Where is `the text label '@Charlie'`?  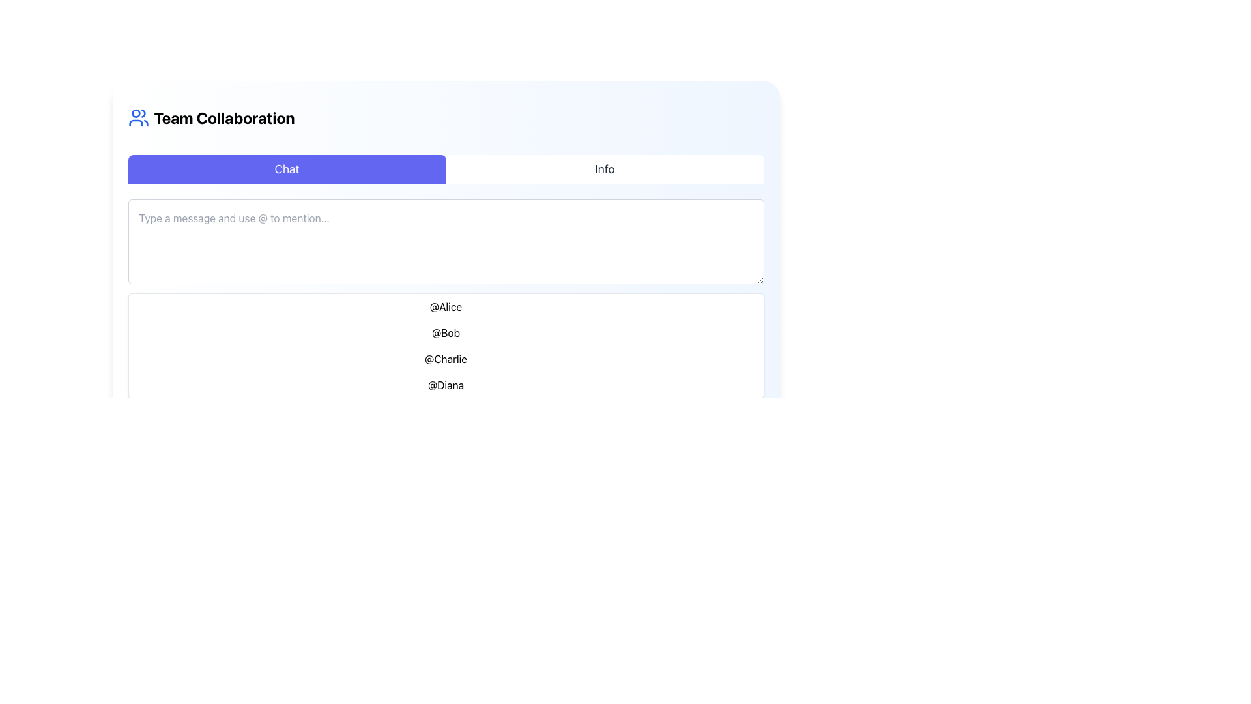
the text label '@Charlie' is located at coordinates (446, 359).